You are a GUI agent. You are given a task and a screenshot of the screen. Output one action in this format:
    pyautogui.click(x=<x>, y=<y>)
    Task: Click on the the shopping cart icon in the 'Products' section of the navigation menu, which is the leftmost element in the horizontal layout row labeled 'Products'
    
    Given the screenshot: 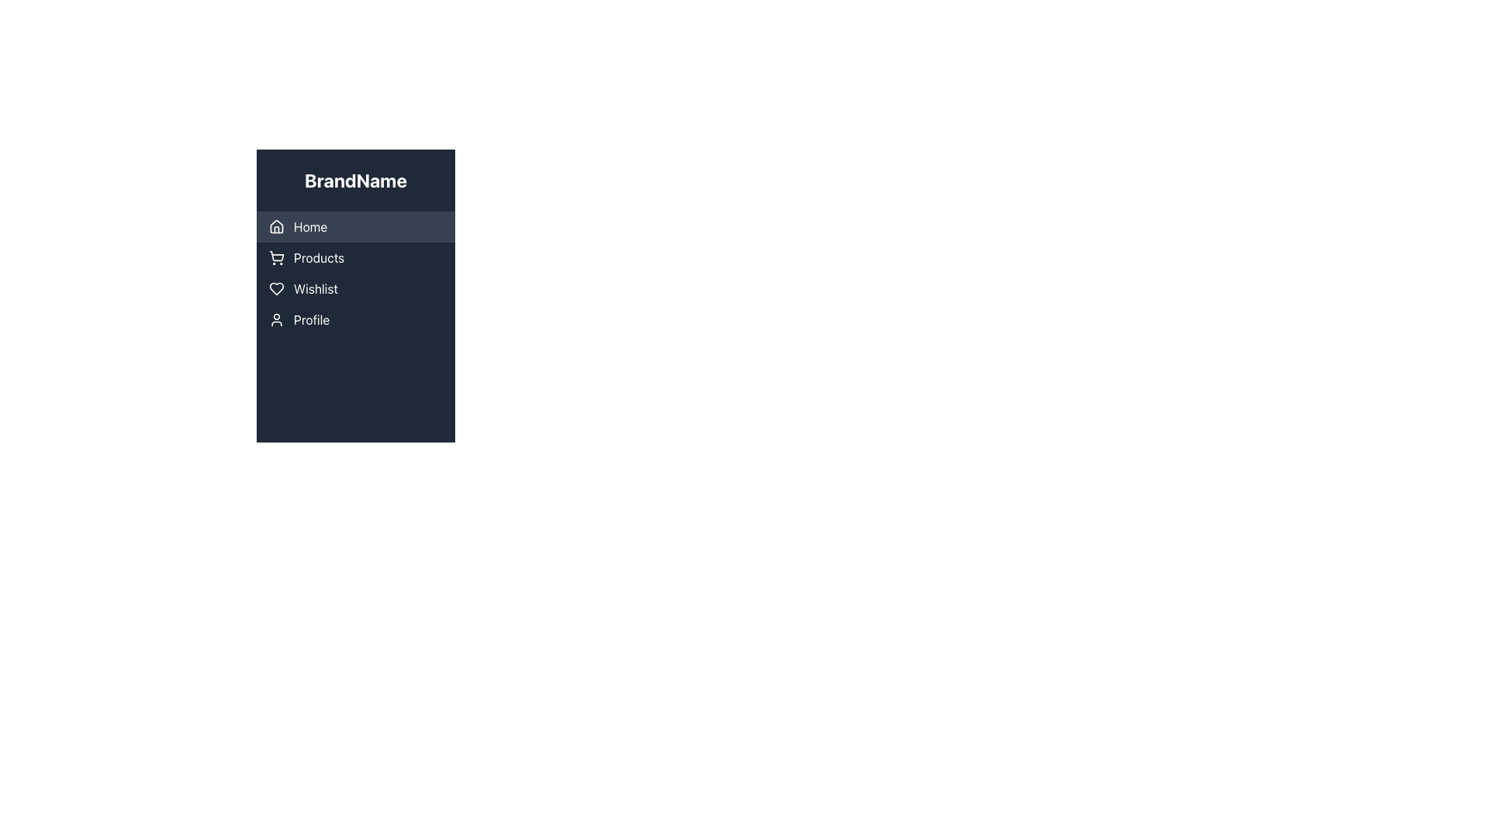 What is the action you would take?
    pyautogui.click(x=276, y=257)
    